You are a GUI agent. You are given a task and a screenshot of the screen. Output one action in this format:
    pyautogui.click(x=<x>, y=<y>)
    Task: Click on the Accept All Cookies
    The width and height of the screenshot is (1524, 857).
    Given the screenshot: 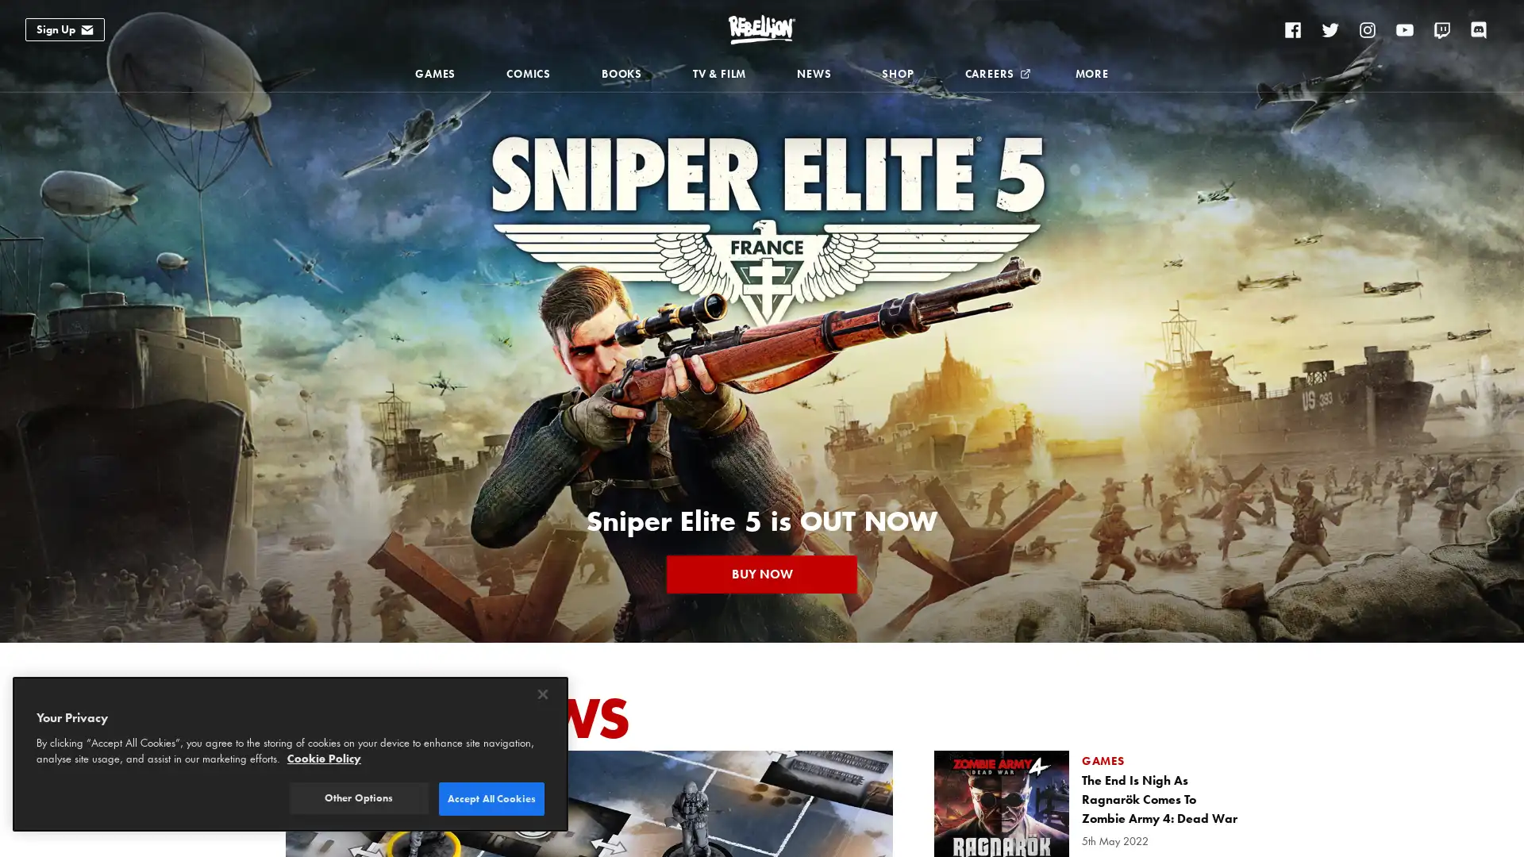 What is the action you would take?
    pyautogui.click(x=491, y=798)
    